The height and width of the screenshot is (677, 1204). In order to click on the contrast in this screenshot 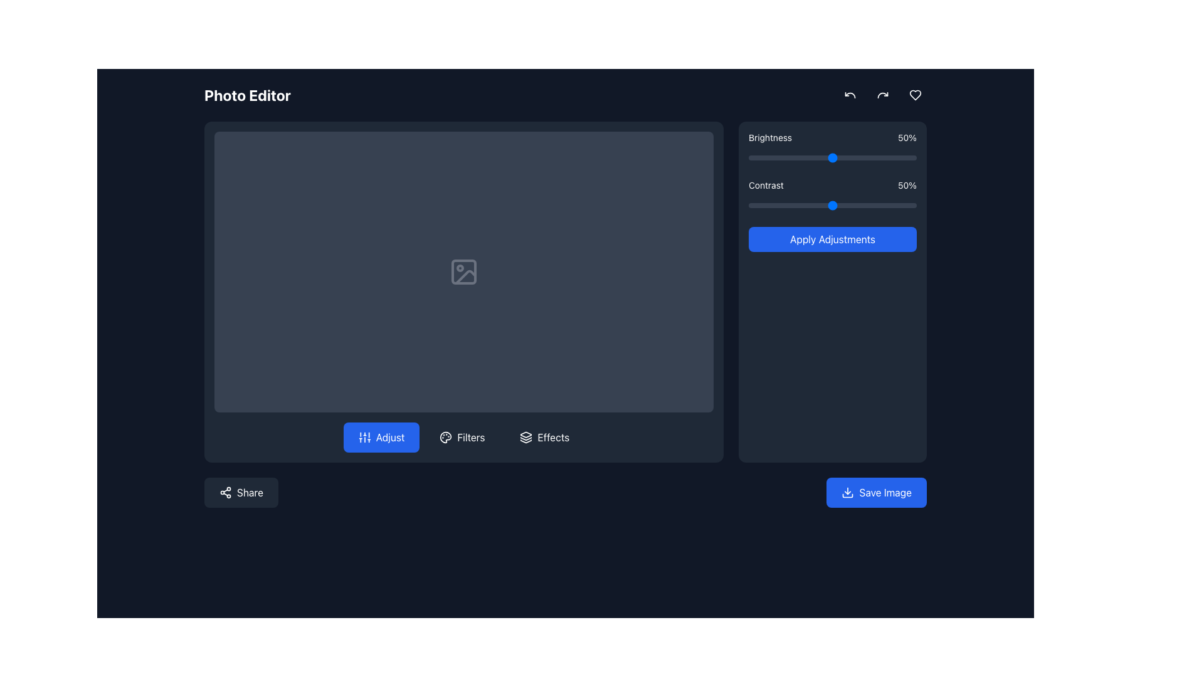, I will do `click(848, 204)`.